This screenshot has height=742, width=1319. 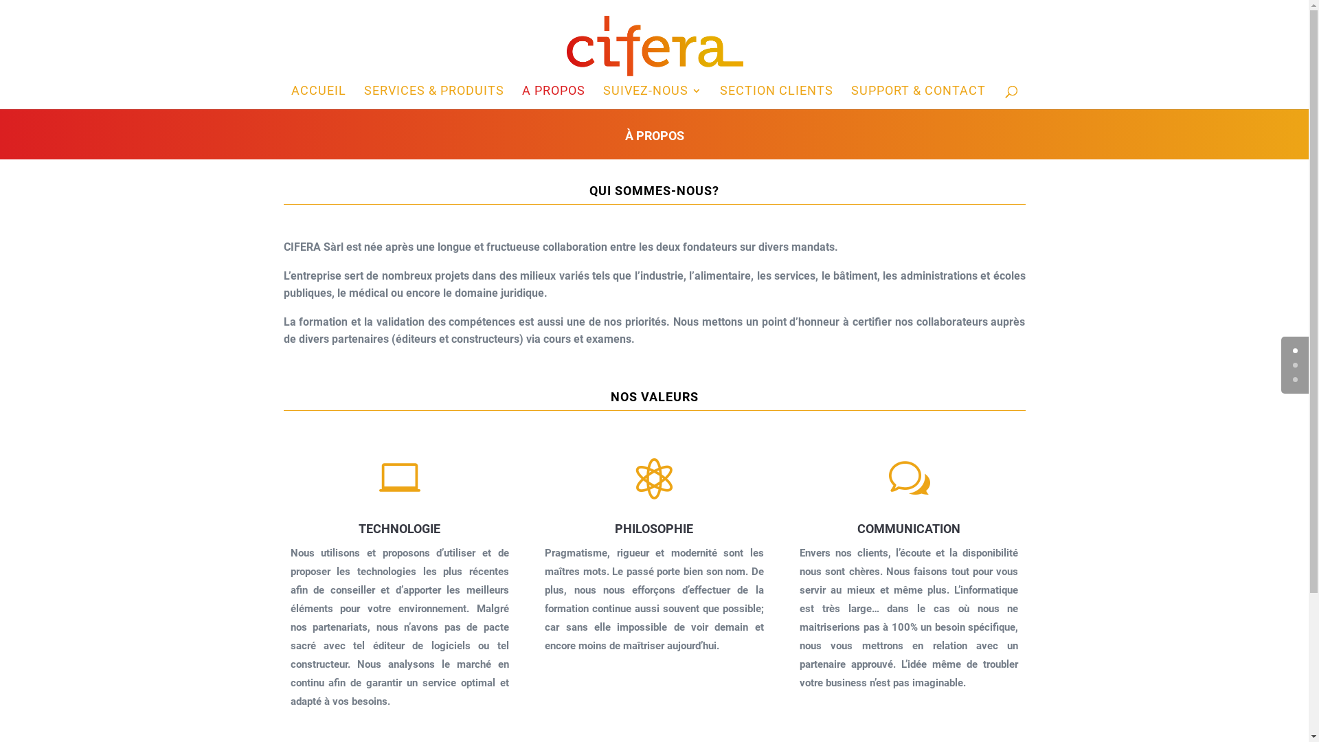 What do you see at coordinates (918, 97) in the screenshot?
I see `'SUPPORT & CONTACT'` at bounding box center [918, 97].